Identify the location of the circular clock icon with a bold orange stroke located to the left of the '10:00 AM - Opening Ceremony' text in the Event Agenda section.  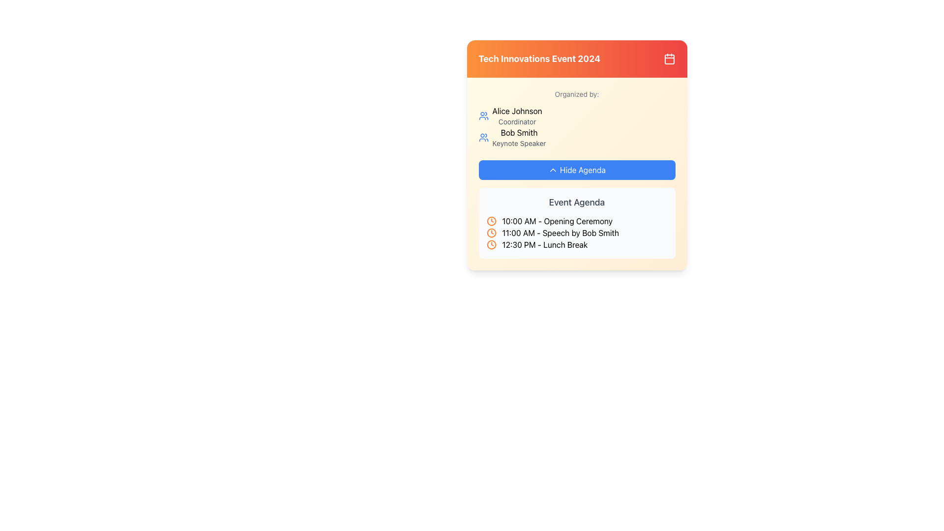
(491, 221).